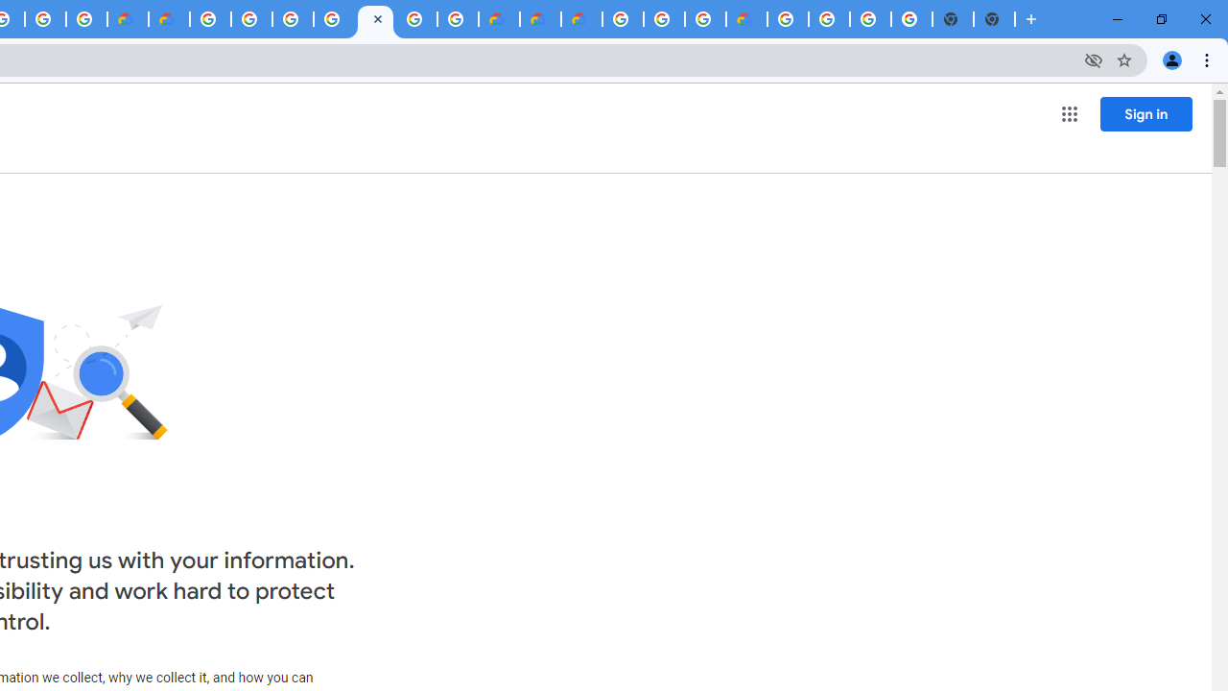 The width and height of the screenshot is (1228, 691). What do you see at coordinates (994, 19) in the screenshot?
I see `'New Tab'` at bounding box center [994, 19].